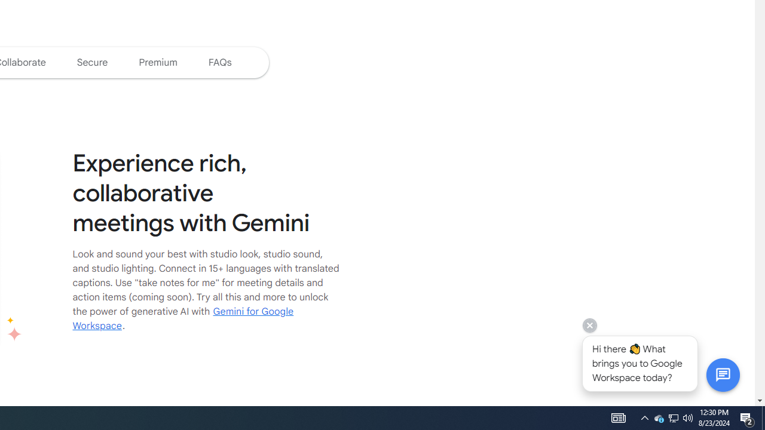  I want to click on 'Jump to the secure section of the page', so click(91, 62).